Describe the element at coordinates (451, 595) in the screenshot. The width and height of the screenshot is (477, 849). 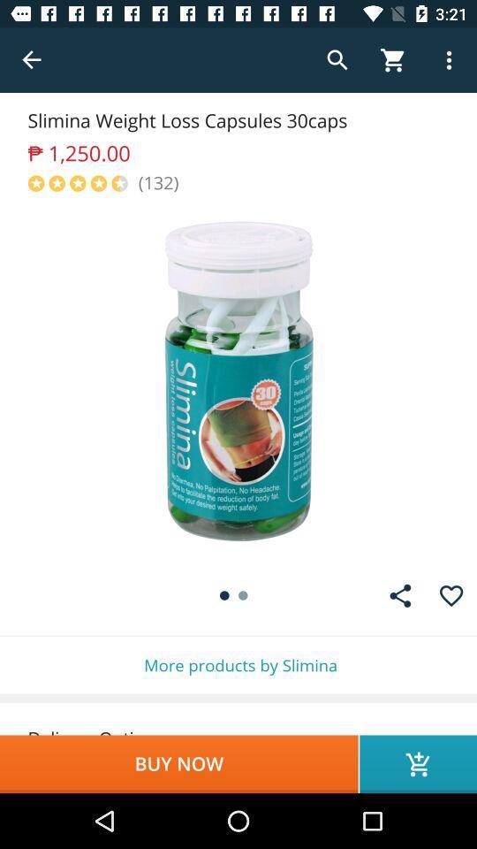
I see `the favorite icon` at that location.